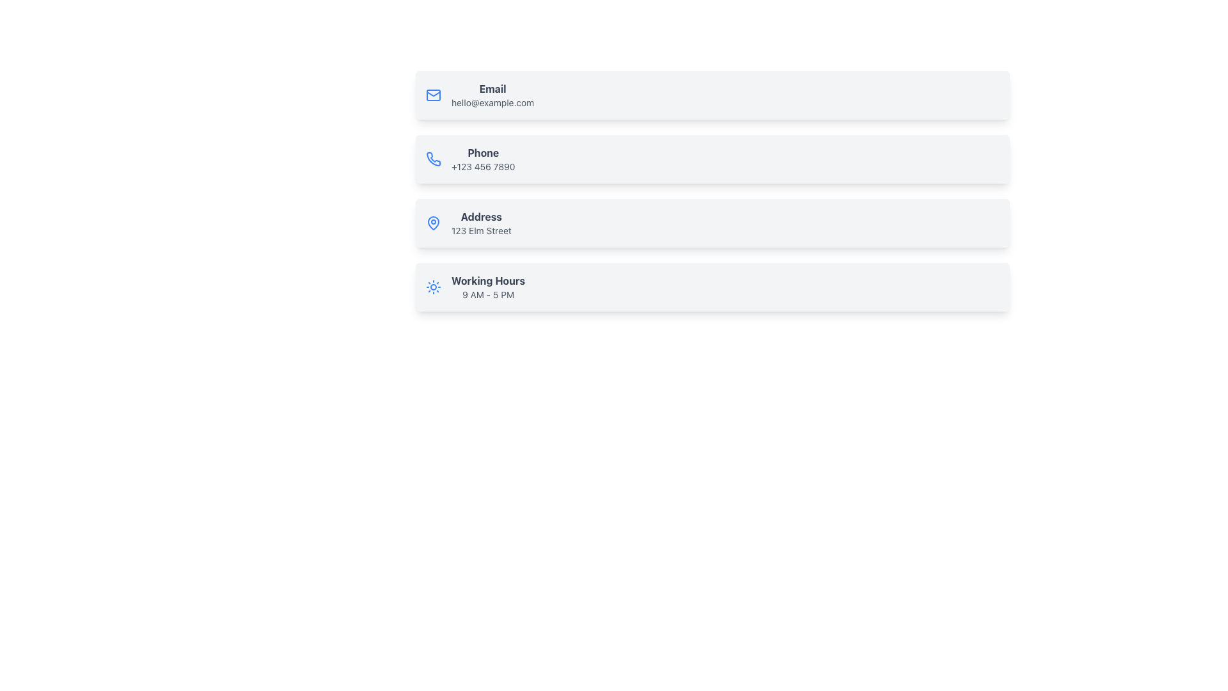 The image size is (1228, 691). What do you see at coordinates (712, 191) in the screenshot?
I see `displayed phone information from the second entry of the Information block, which is structured as a vertical list of contact details` at bounding box center [712, 191].